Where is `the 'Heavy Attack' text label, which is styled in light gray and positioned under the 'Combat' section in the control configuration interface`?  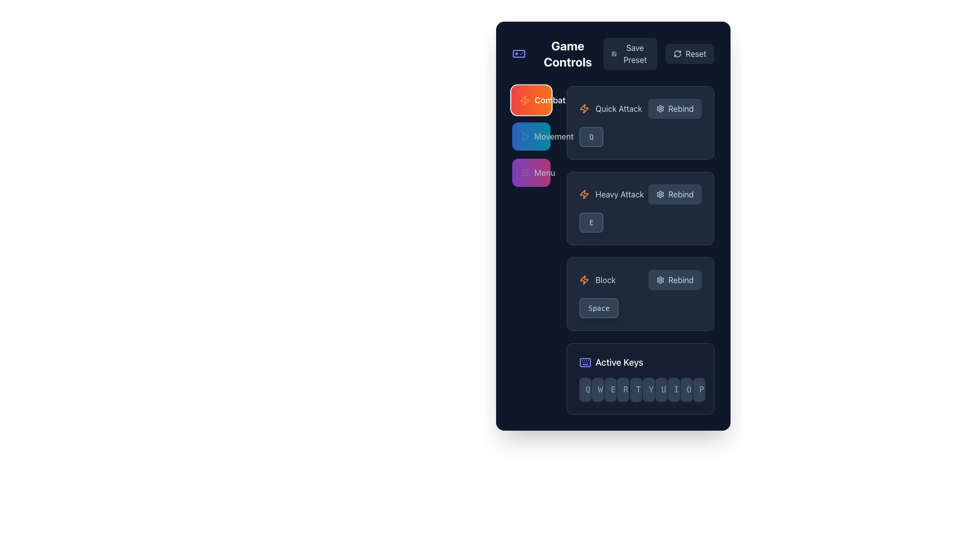
the 'Heavy Attack' text label, which is styled in light gray and positioned under the 'Combat' section in the control configuration interface is located at coordinates (619, 194).